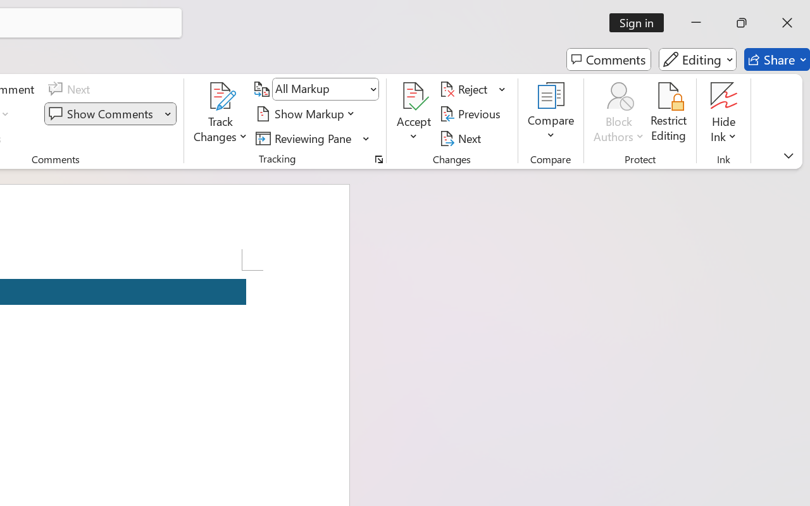 Image resolution: width=810 pixels, height=506 pixels. Describe the element at coordinates (724, 113) in the screenshot. I see `'Hide Ink'` at that location.